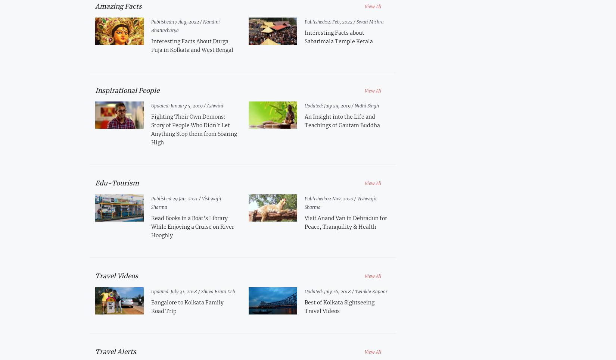 Image resolution: width=616 pixels, height=360 pixels. Describe the element at coordinates (192, 226) in the screenshot. I see `'Read Books in a Boat’s Library While Enjoying a Cruise on River Hooghly'` at that location.